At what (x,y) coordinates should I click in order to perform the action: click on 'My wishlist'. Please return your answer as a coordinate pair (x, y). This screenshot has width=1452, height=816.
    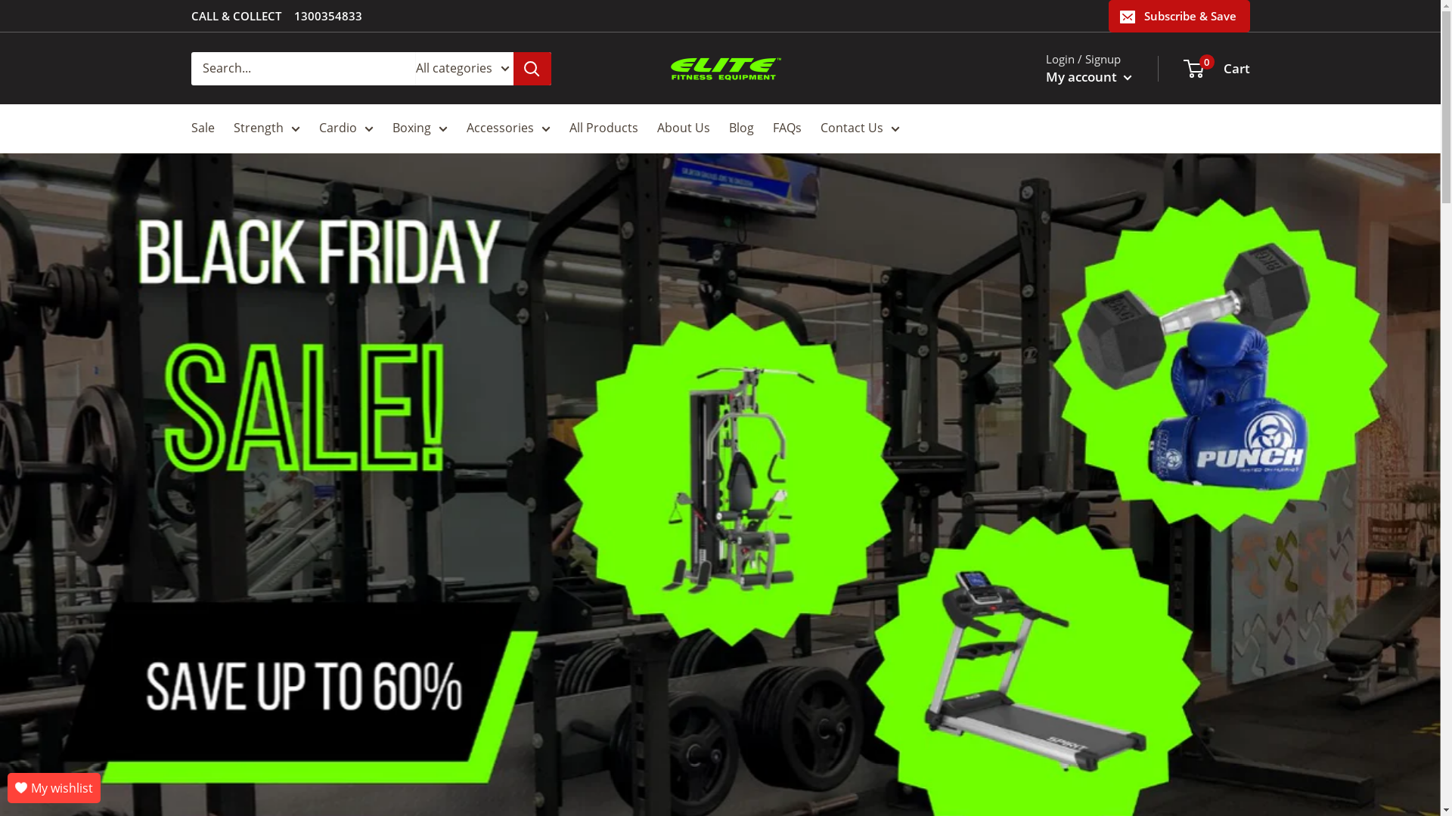
    Looking at the image, I should click on (54, 787).